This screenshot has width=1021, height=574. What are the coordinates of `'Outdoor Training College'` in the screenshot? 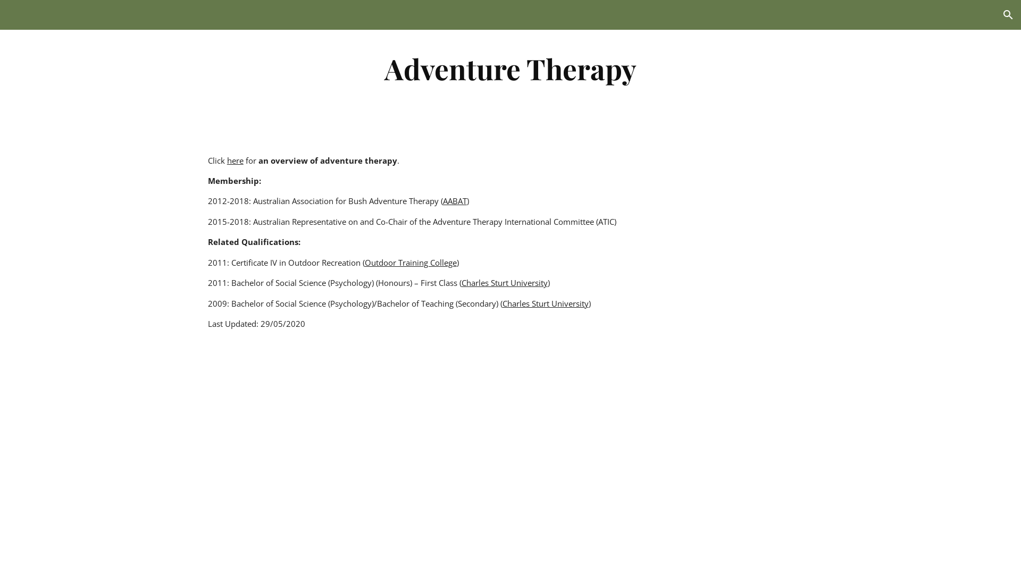 It's located at (410, 262).